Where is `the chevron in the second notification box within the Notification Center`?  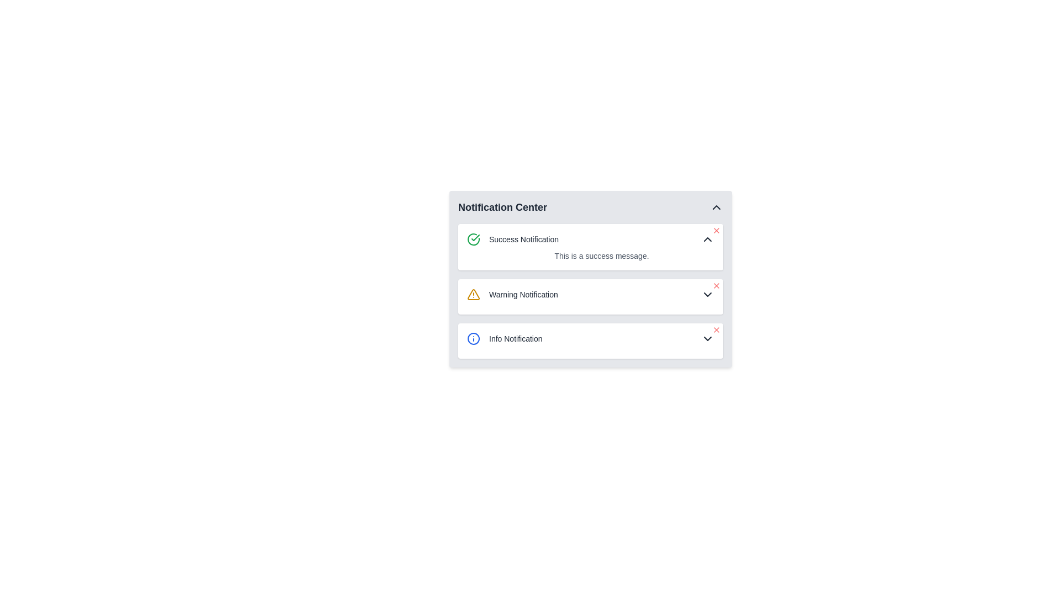 the chevron in the second notification box within the Notification Center is located at coordinates (590, 296).